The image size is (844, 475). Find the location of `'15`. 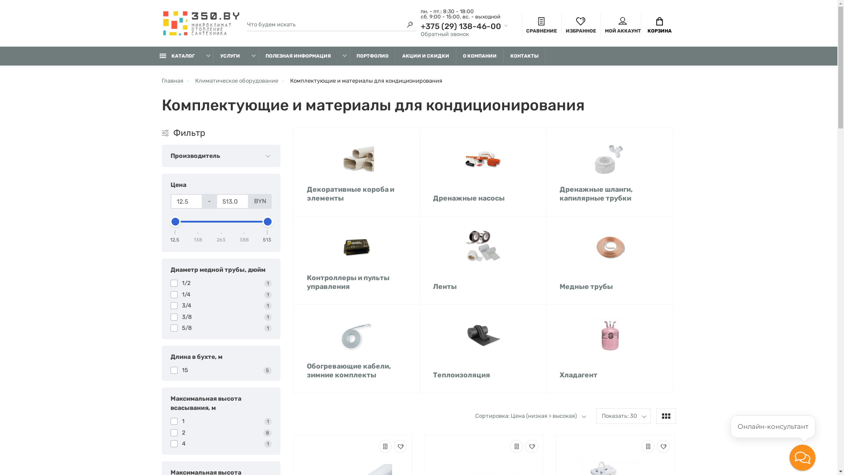

'15 is located at coordinates (221, 370).